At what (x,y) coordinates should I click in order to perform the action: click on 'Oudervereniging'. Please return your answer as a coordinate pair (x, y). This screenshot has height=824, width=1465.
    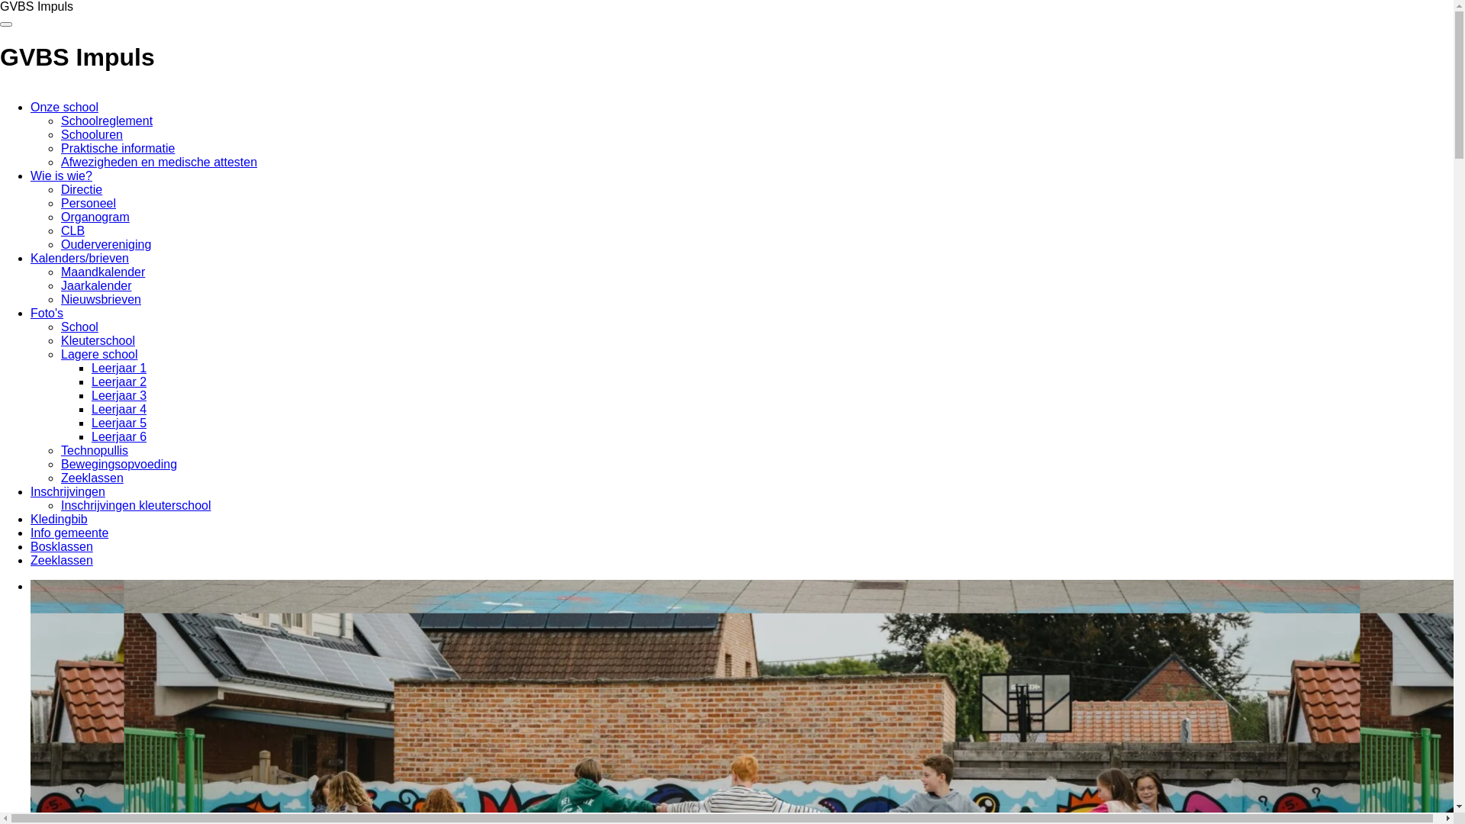
    Looking at the image, I should click on (105, 243).